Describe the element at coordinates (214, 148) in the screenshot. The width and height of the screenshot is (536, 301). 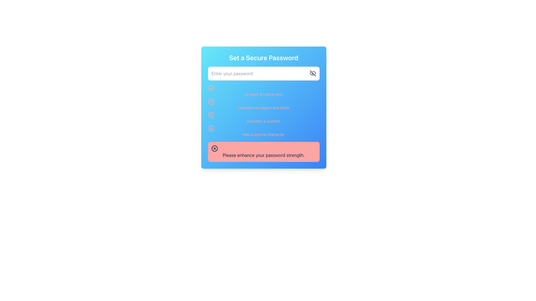
I see `the circular graphical element with a black stroke and transparent fill, located within the lower error message box, near its left side` at that location.